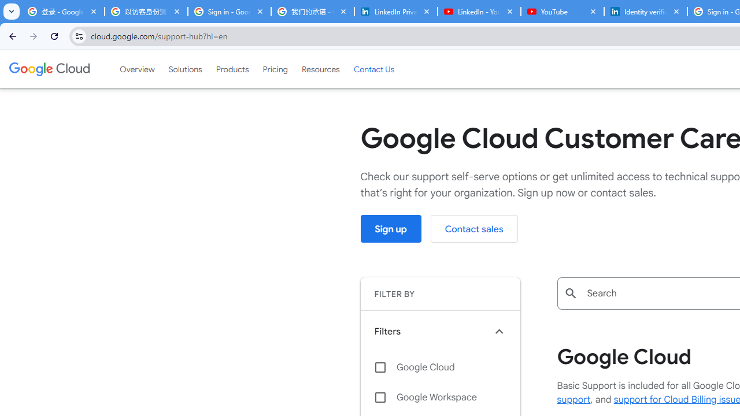 This screenshot has height=416, width=740. I want to click on 'YouTube', so click(562, 12).